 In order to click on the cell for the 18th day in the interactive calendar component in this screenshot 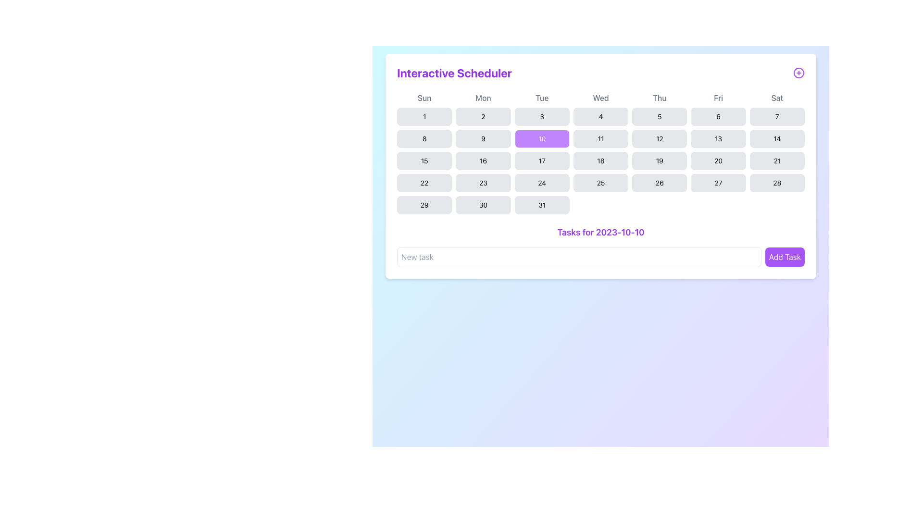, I will do `click(600, 153)`.